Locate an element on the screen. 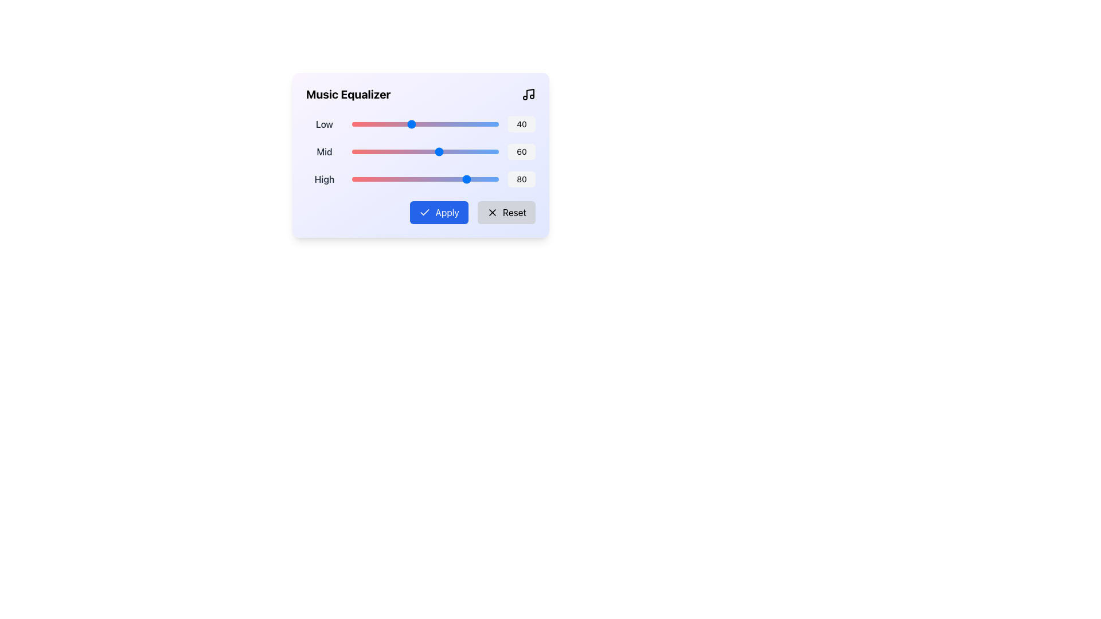 This screenshot has height=619, width=1101. the text box displaying the number '40', which has a light gray background and rounded borders, located in the upper-left region of the interface is located at coordinates (521, 124).